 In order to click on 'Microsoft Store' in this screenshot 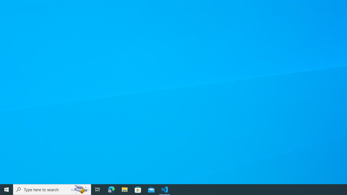, I will do `click(138, 189)`.